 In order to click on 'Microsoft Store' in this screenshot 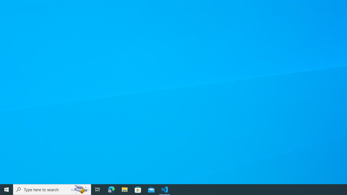, I will do `click(138, 189)`.